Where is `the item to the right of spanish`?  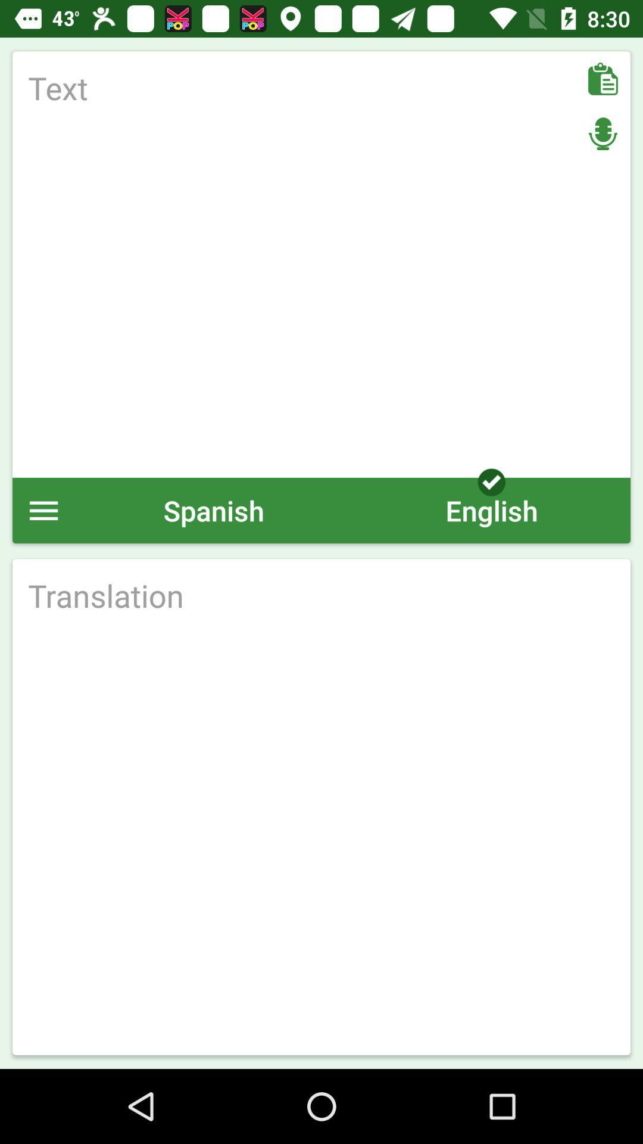
the item to the right of spanish is located at coordinates (491, 510).